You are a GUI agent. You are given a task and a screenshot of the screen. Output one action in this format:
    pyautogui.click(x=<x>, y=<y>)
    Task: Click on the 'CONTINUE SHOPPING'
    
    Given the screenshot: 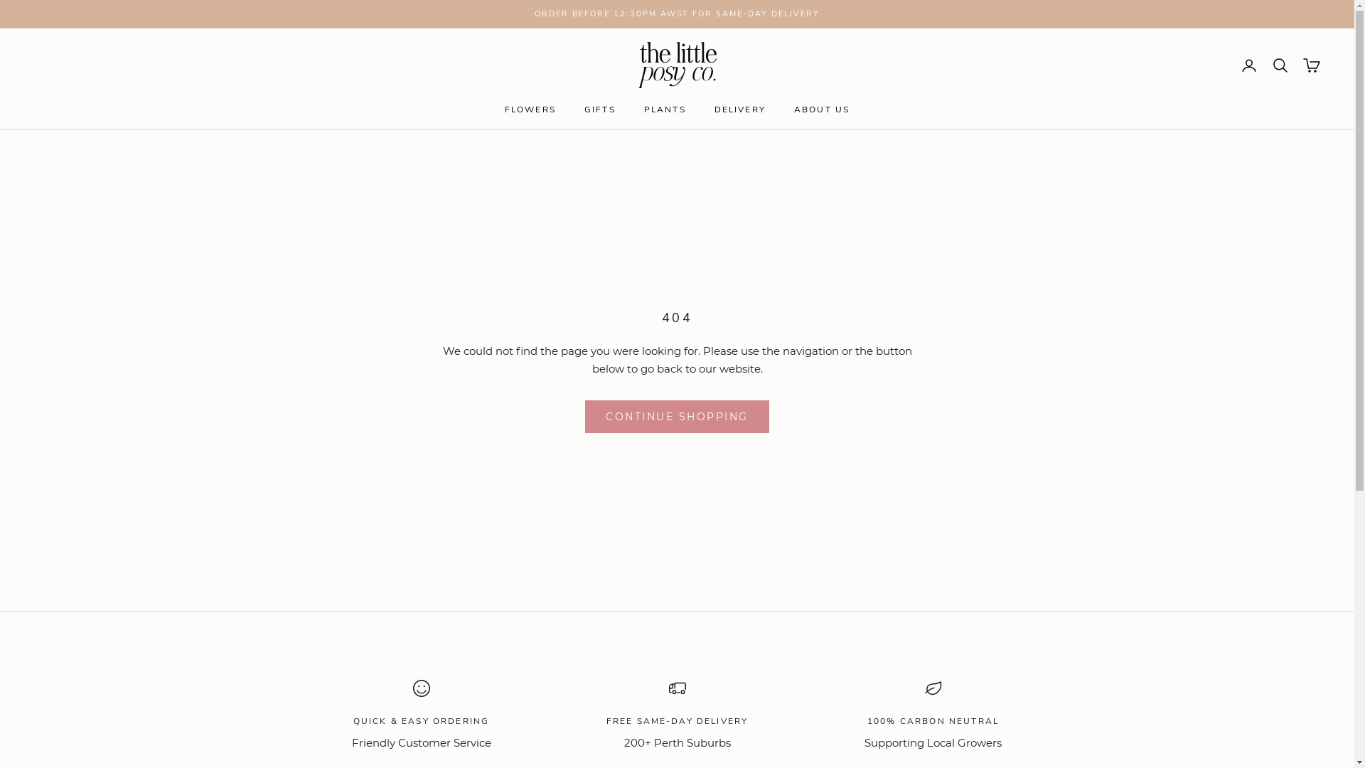 What is the action you would take?
    pyautogui.click(x=584, y=416)
    